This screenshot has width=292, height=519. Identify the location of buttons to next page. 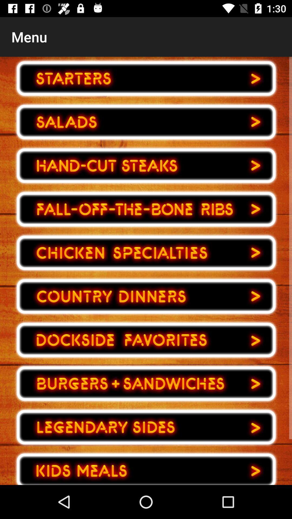
(146, 340).